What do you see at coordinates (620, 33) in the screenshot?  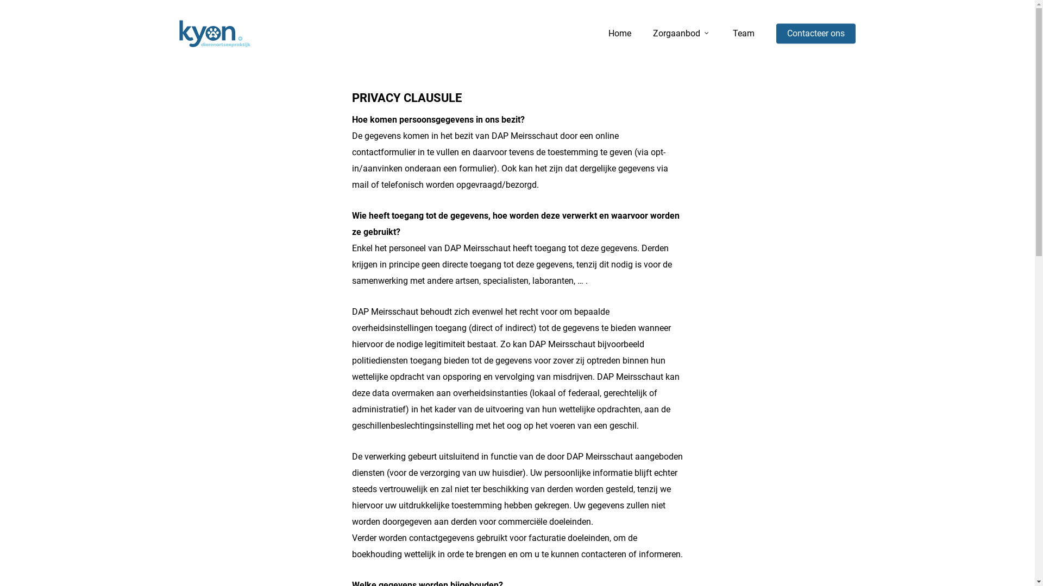 I see `'Home'` at bounding box center [620, 33].